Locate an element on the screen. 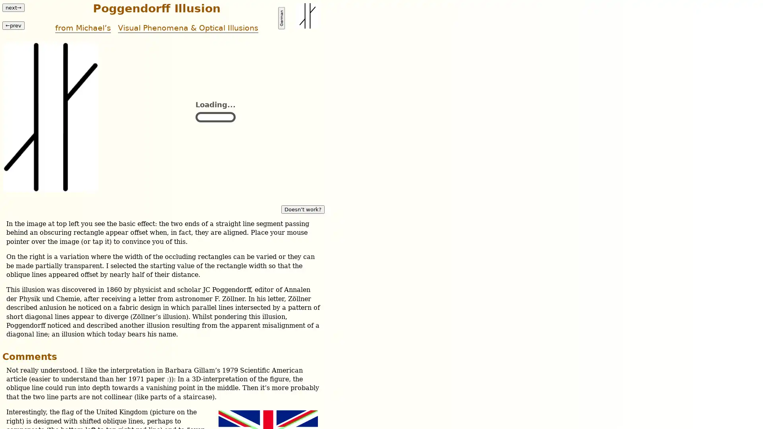 The image size is (763, 429). German is located at coordinates (281, 18).